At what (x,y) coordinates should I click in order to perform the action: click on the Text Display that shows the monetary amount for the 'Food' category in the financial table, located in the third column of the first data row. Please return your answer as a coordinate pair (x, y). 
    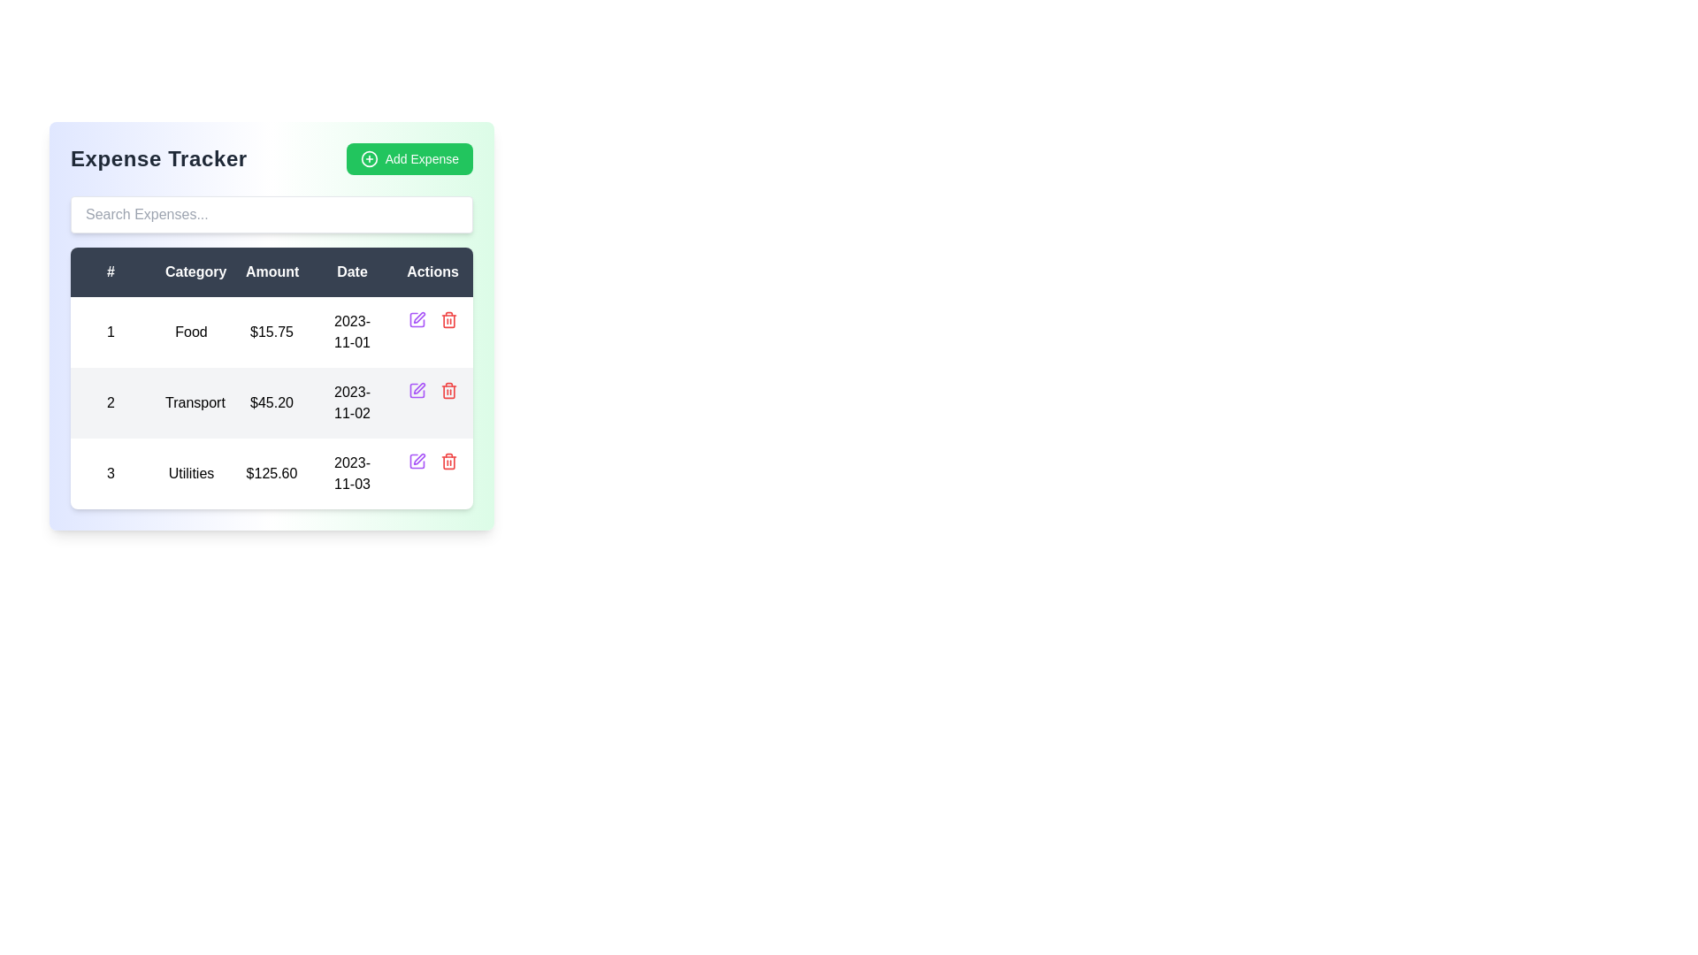
    Looking at the image, I should click on (271, 332).